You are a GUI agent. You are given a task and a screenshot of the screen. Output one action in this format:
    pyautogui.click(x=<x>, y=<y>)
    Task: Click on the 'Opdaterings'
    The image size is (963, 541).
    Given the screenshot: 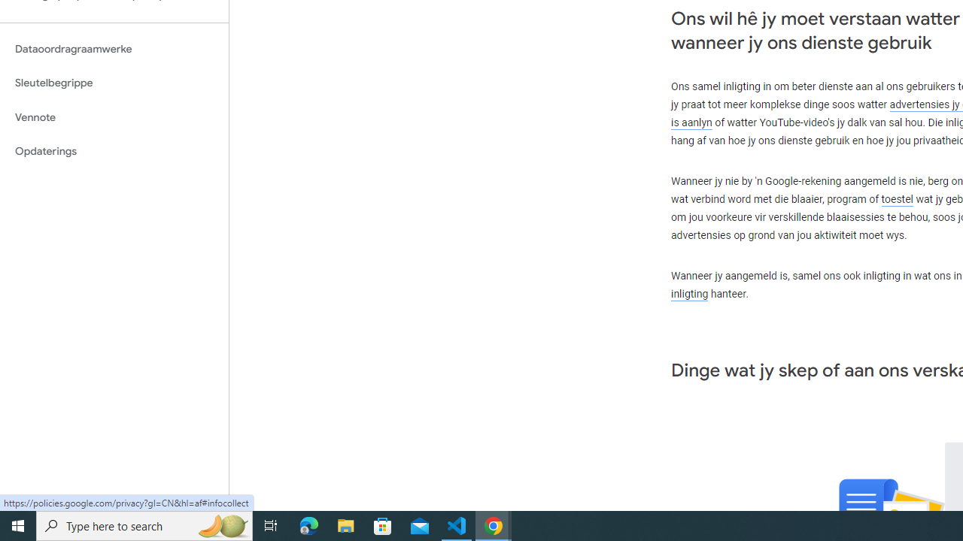 What is the action you would take?
    pyautogui.click(x=114, y=151)
    